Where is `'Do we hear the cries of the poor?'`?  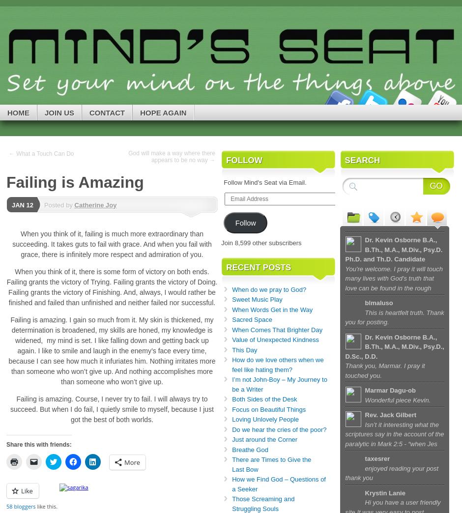 'Do we hear the cries of the poor?' is located at coordinates (279, 429).